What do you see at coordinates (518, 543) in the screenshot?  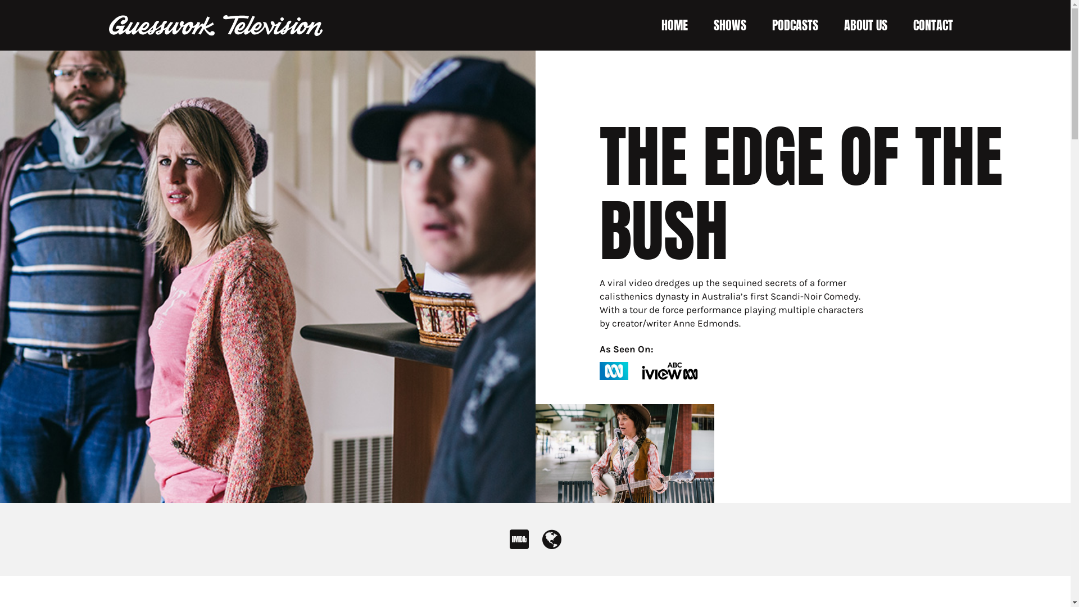 I see `'IMDb'` at bounding box center [518, 543].